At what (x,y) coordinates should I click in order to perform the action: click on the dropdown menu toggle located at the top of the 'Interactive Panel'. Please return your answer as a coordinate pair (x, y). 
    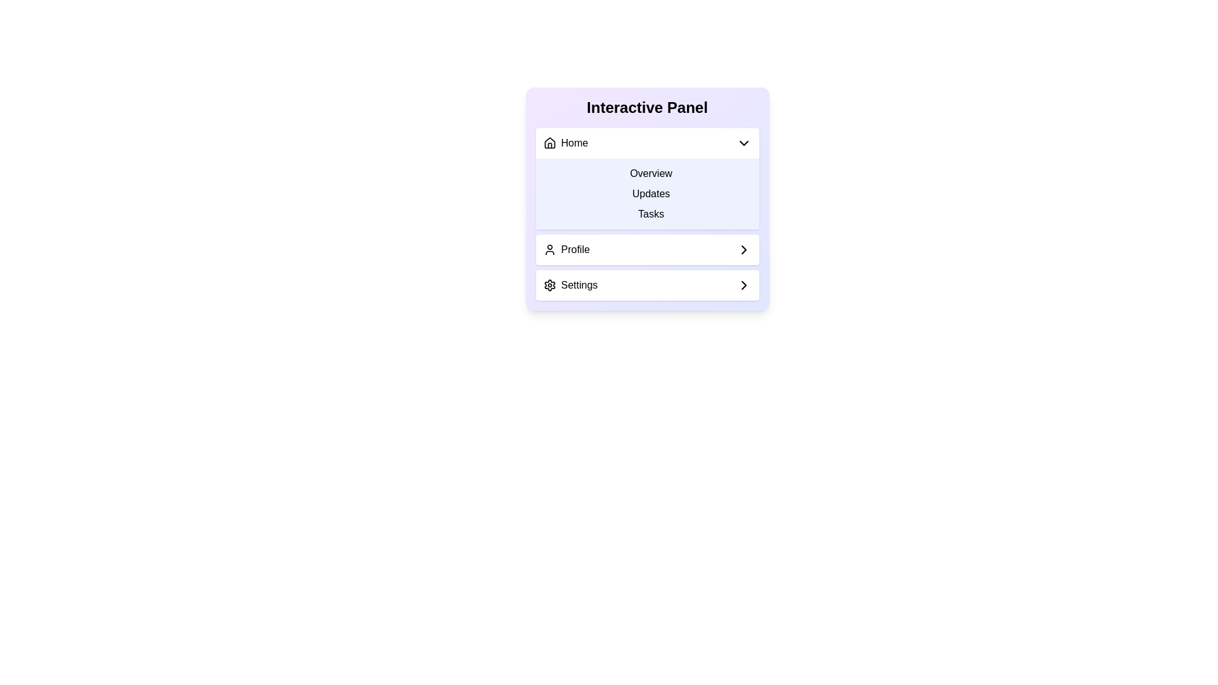
    Looking at the image, I should click on (647, 143).